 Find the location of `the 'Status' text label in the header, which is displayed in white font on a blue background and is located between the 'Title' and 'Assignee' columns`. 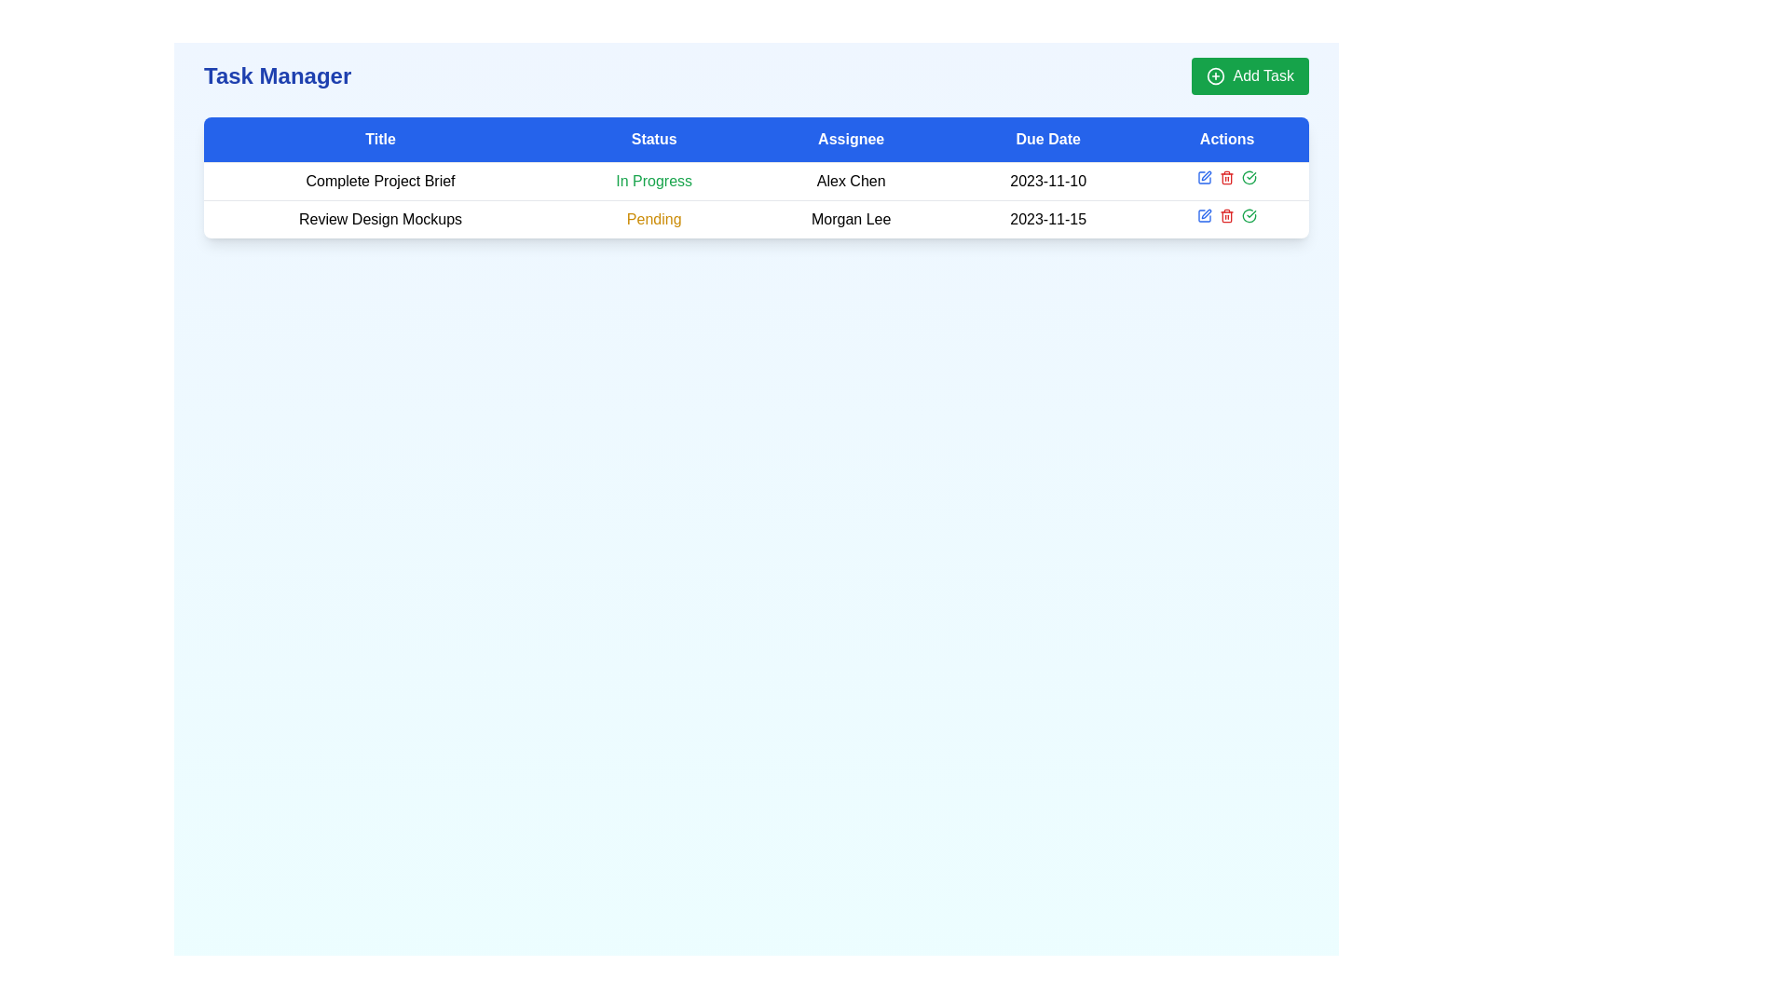

the 'Status' text label in the header, which is displayed in white font on a blue background and is located between the 'Title' and 'Assignee' columns is located at coordinates (654, 139).